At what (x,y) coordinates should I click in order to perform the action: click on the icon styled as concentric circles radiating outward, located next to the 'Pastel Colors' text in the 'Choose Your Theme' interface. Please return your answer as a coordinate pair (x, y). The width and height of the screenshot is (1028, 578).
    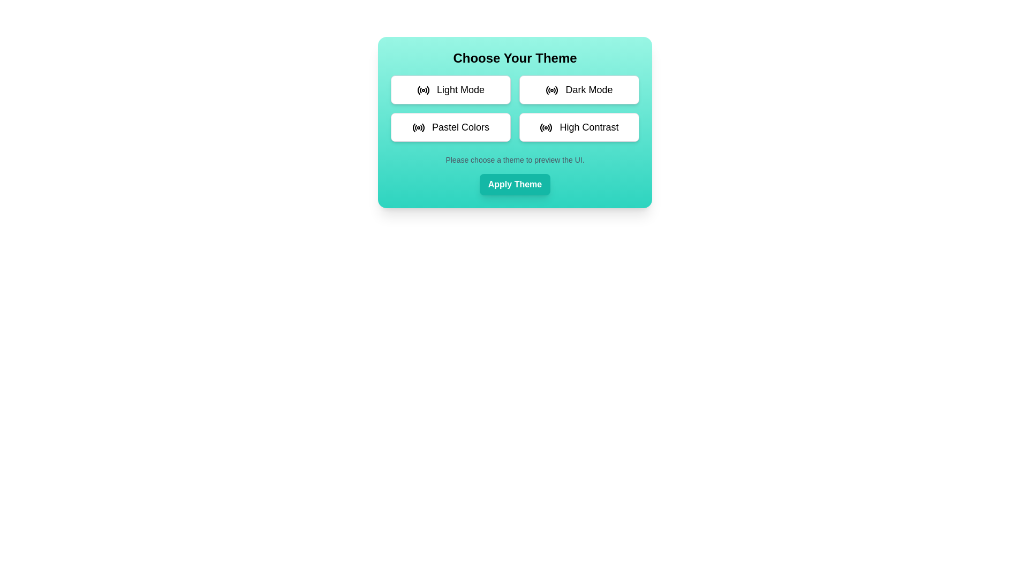
    Looking at the image, I should click on (418, 127).